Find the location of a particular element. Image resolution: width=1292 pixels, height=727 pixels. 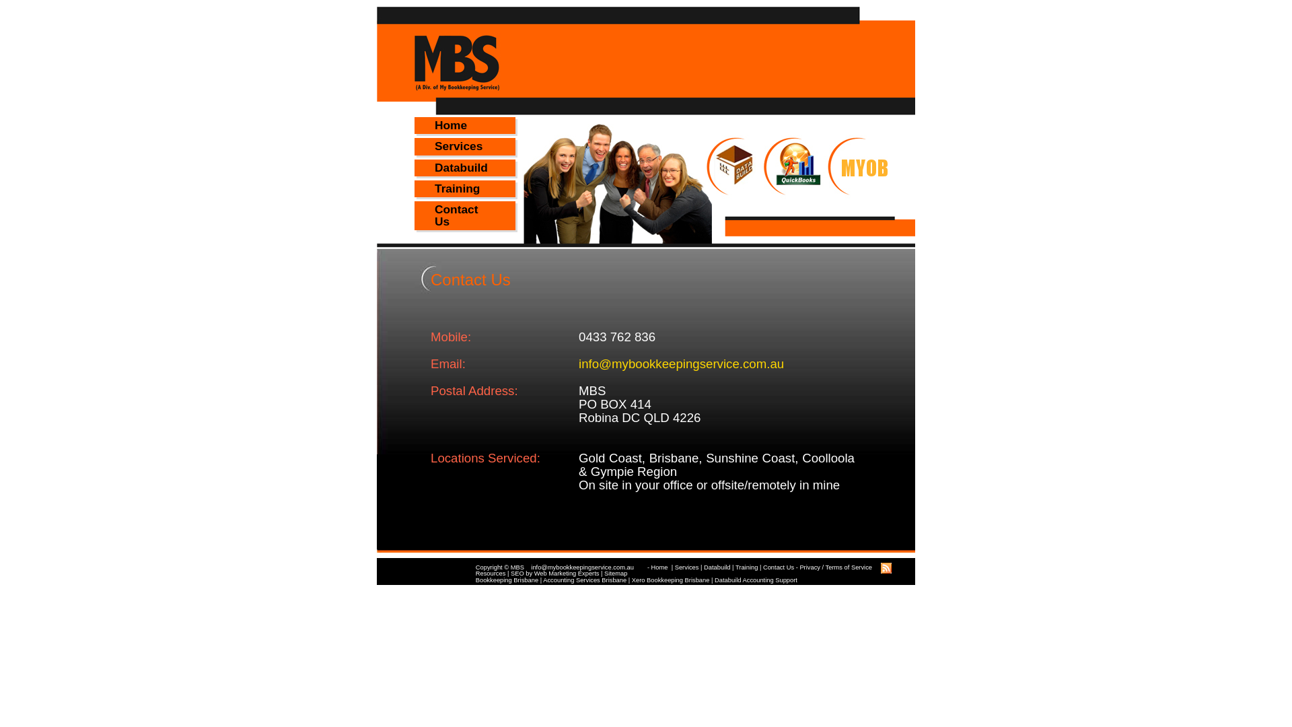

'Accounting Services Brisbane' is located at coordinates (584, 579).